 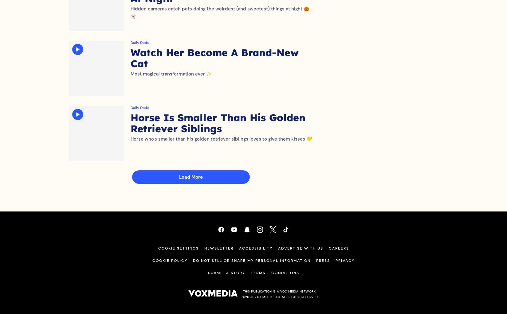 What do you see at coordinates (226, 279) in the screenshot?
I see `'Submit a Story'` at bounding box center [226, 279].